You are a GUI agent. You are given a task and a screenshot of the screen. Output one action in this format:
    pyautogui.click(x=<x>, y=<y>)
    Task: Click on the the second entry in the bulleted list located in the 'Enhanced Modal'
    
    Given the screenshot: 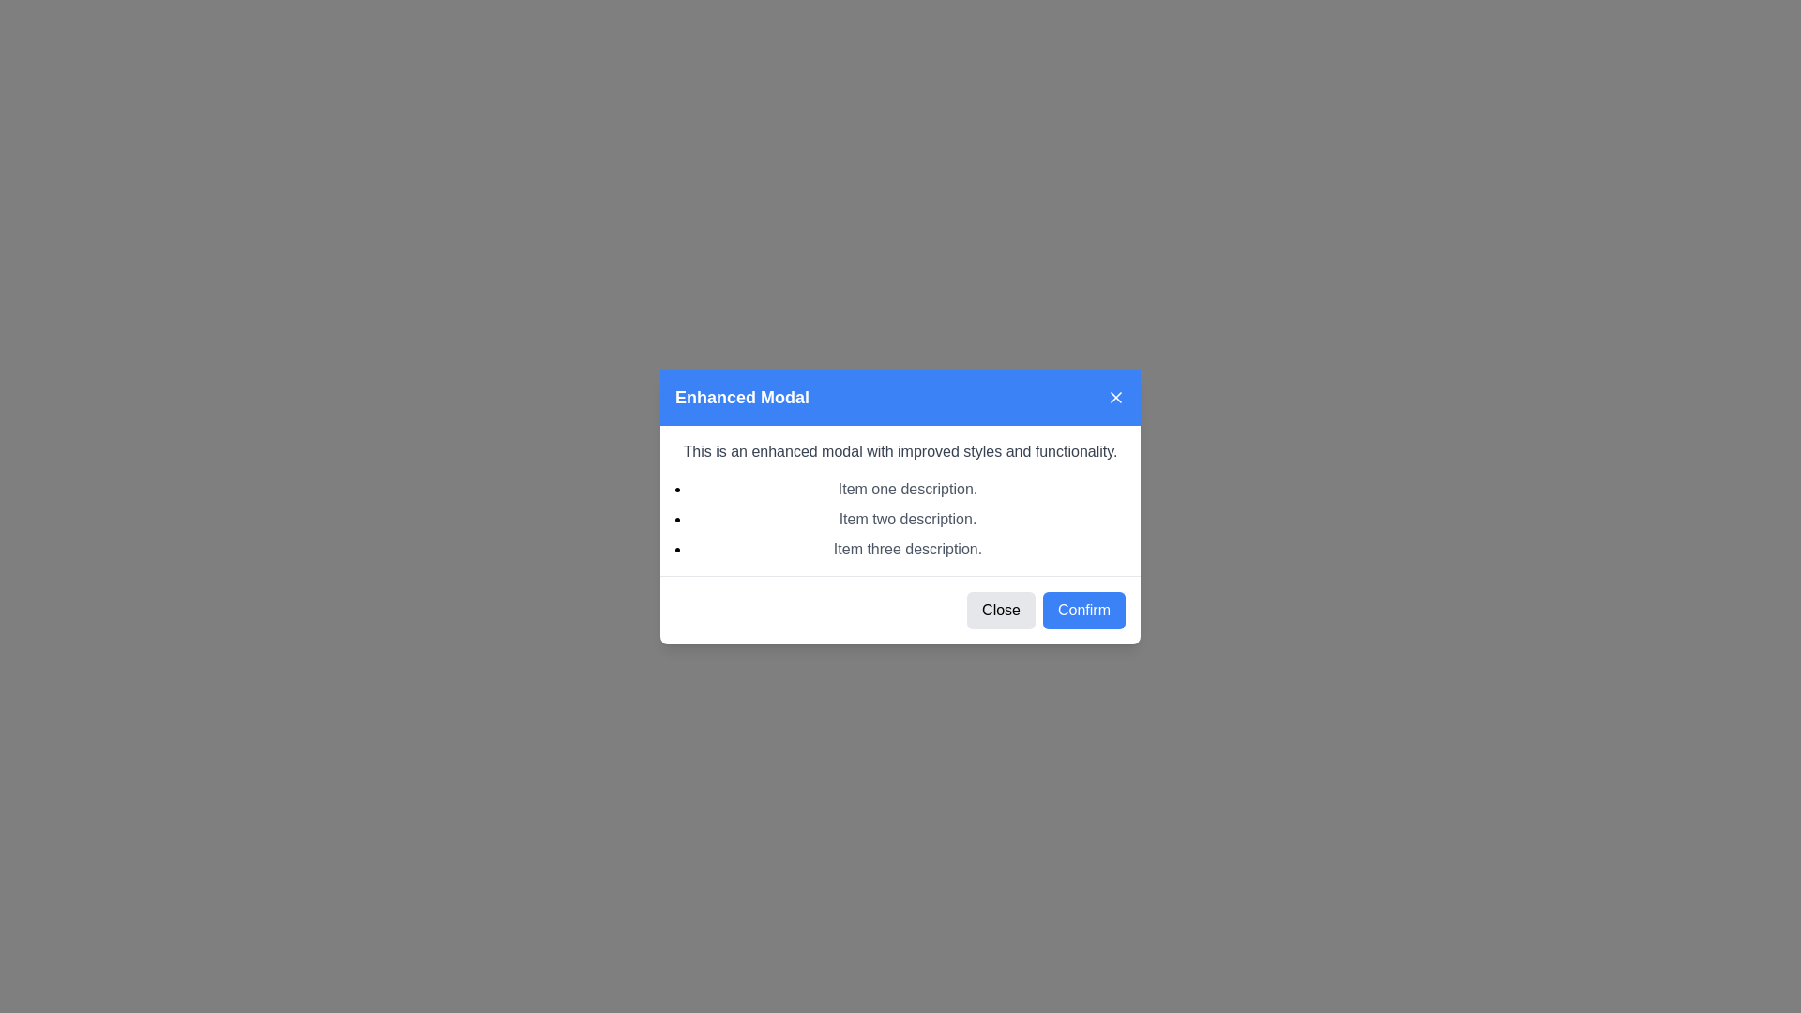 What is the action you would take?
    pyautogui.click(x=908, y=519)
    